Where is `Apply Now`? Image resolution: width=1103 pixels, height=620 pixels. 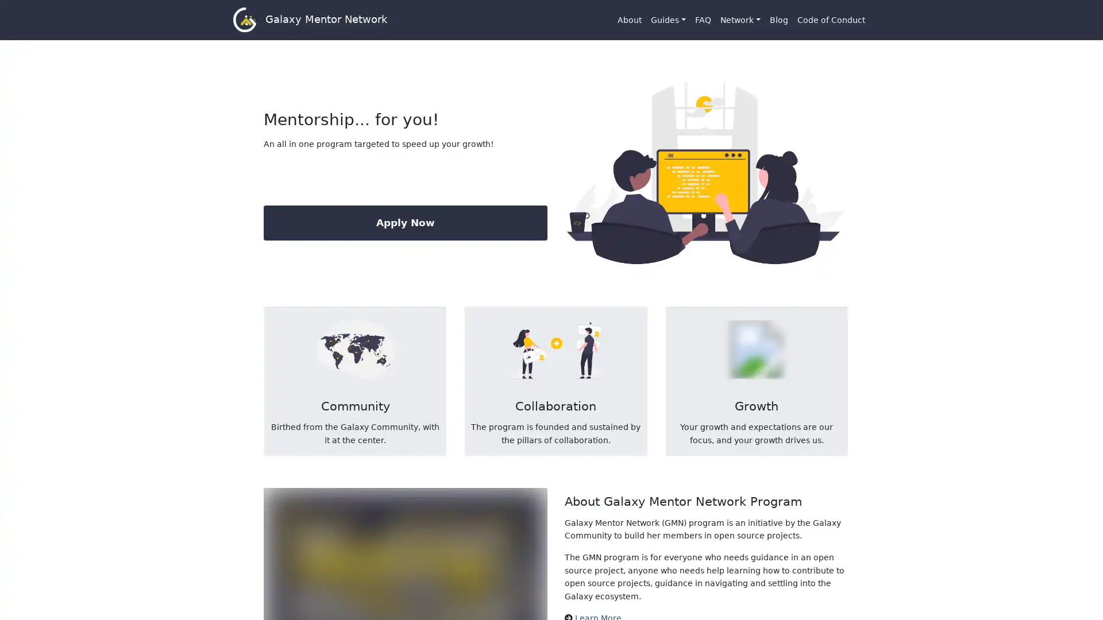
Apply Now is located at coordinates (405, 223).